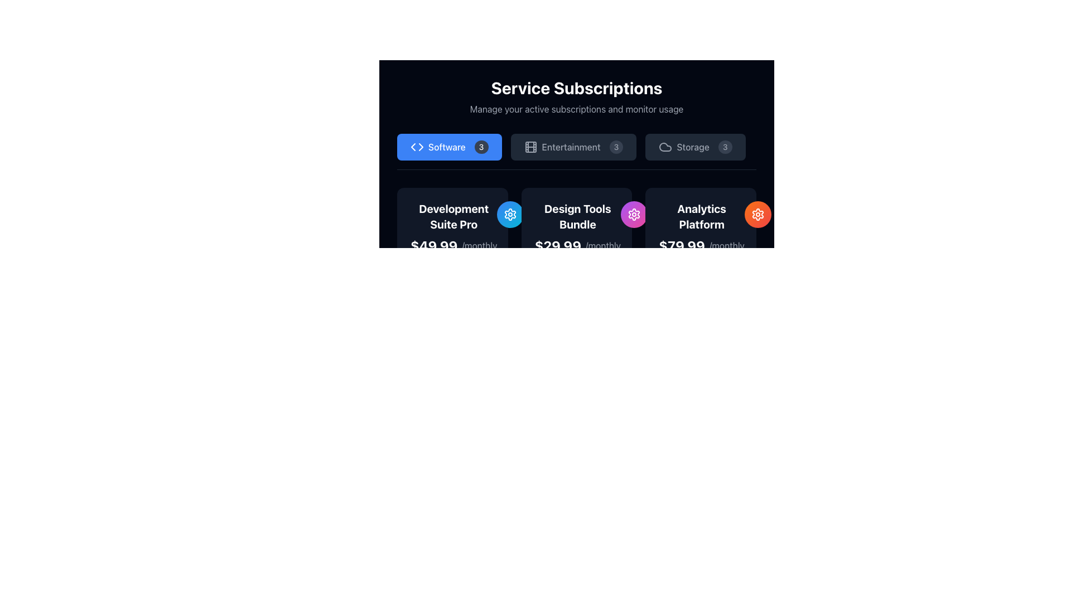  Describe the element at coordinates (454, 227) in the screenshot. I see `the 'Development Suite Pro' subscription plan description and price text block, which is the first element in the list of subscription options under the 'Service Subscriptions' section` at that location.